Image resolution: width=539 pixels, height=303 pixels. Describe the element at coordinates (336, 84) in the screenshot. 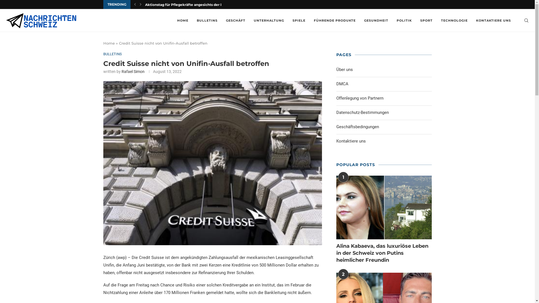

I see `'DMCA'` at that location.